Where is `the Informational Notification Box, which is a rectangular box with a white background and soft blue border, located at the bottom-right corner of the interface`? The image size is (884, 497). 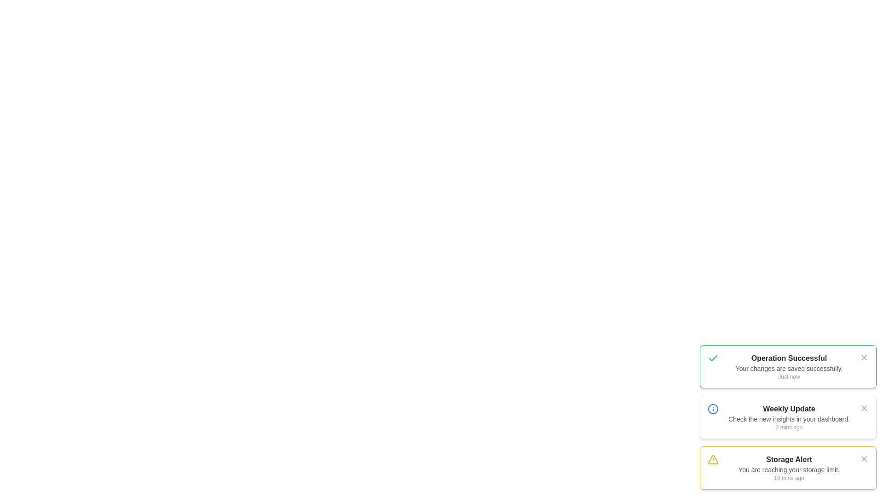
the Informational Notification Box, which is a rectangular box with a white background and soft blue border, located at the bottom-right corner of the interface is located at coordinates (788, 417).